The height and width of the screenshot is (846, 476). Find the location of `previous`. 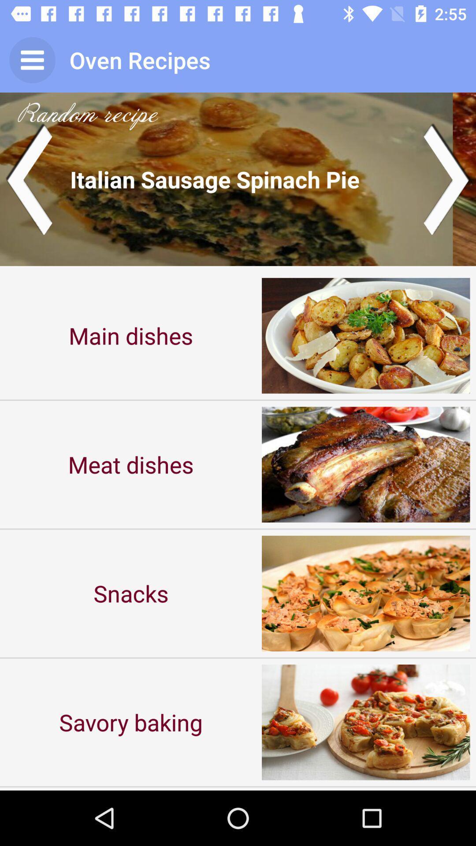

previous is located at coordinates (28, 178).